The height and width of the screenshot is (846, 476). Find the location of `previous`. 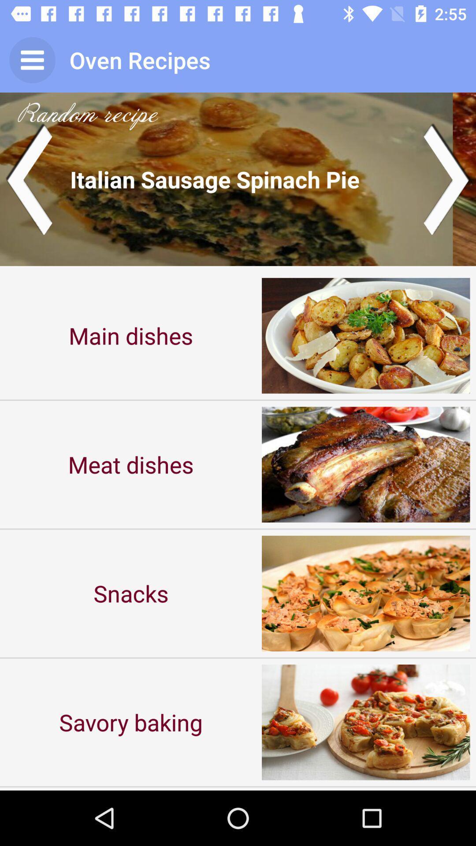

previous is located at coordinates (28, 178).